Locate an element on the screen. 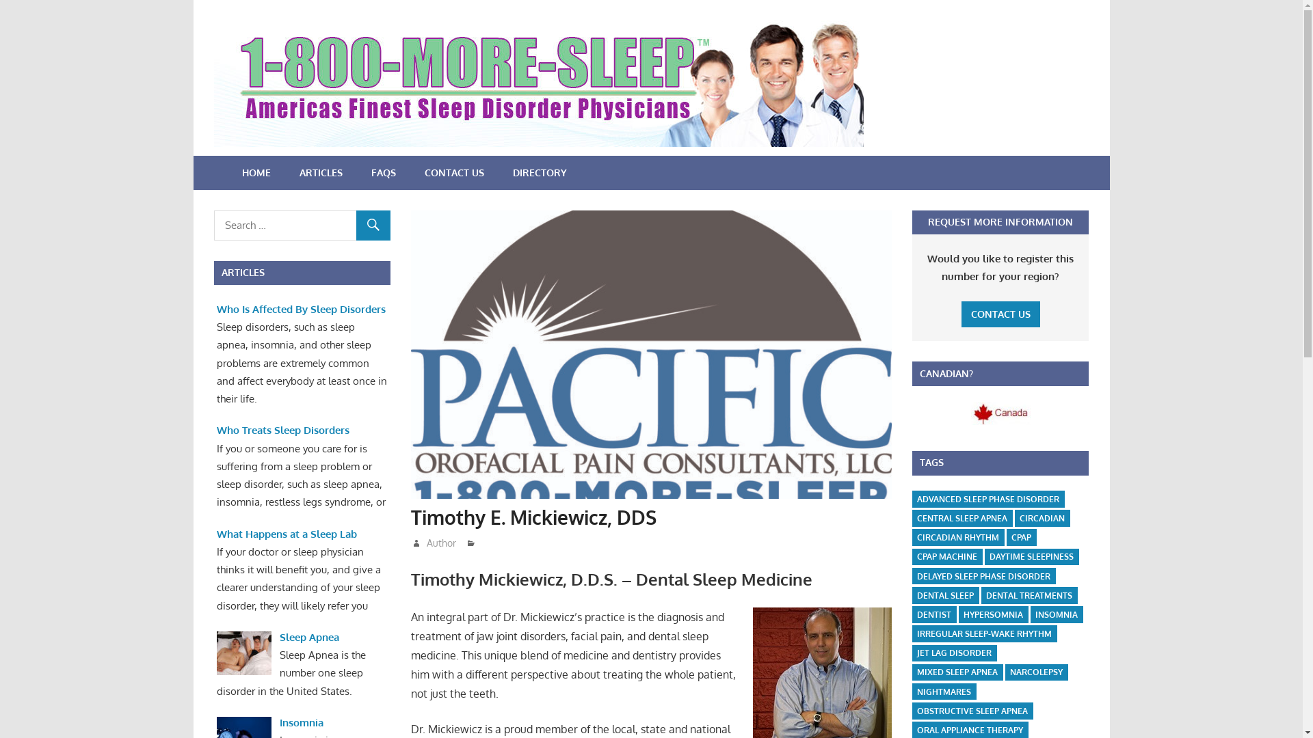 Image resolution: width=1313 pixels, height=738 pixels. 'Who Is Affected By Sleep Disorders' is located at coordinates (300, 309).